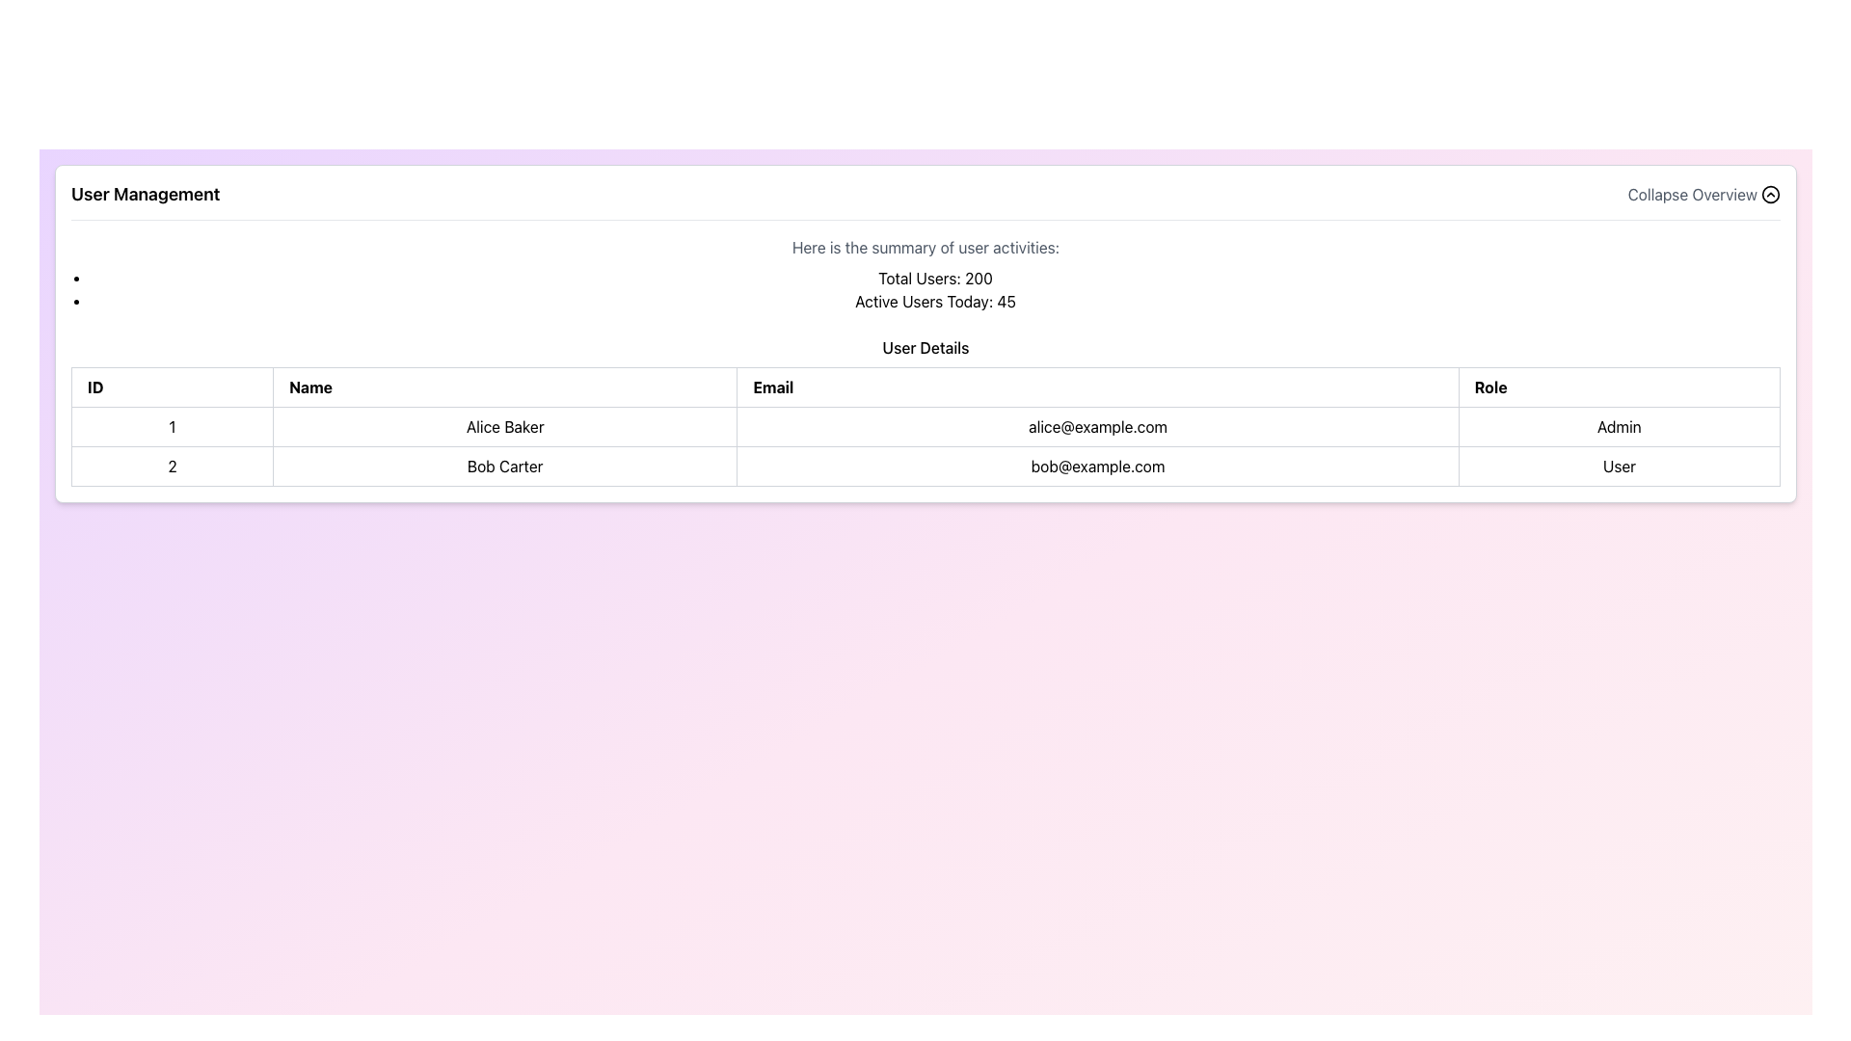 This screenshot has width=1851, height=1041. Describe the element at coordinates (1771, 194) in the screenshot. I see `the circular icon with an upwards-pointing chevron, located at the far right of the 'Collapse Overview' section, to provide tooltip or indication` at that location.